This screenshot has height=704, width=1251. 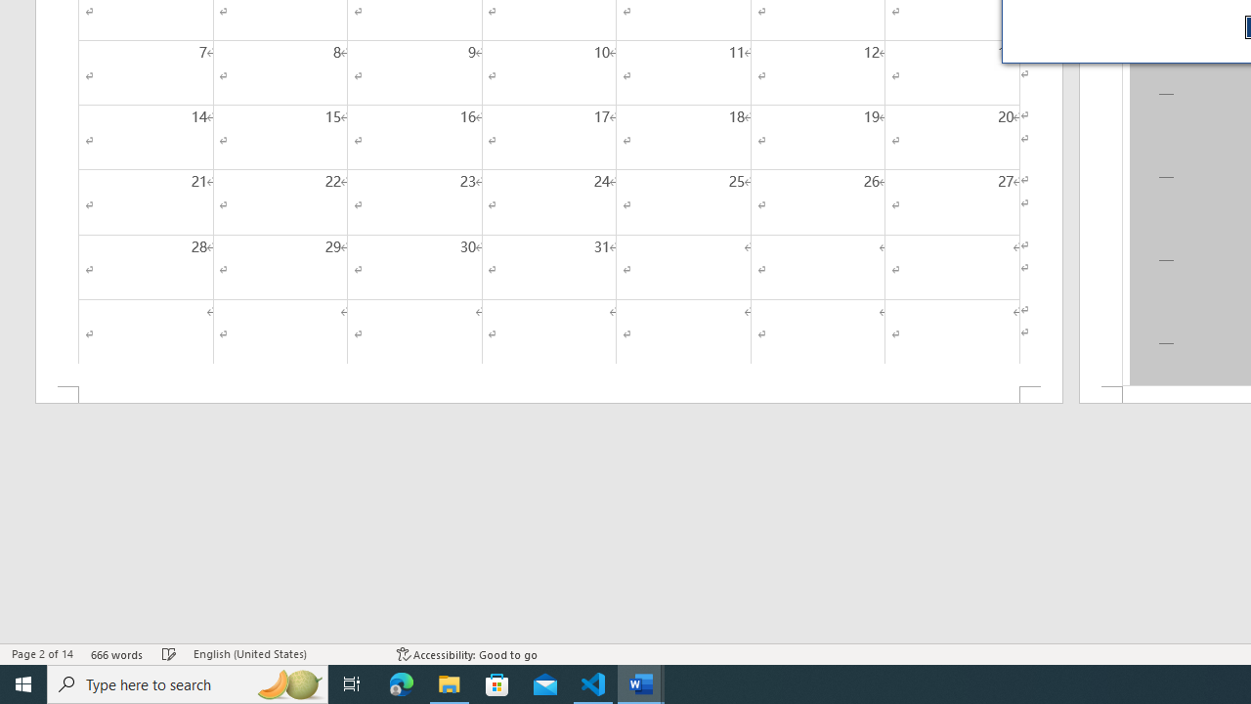 I want to click on 'File Explorer - 1 running window', so click(x=449, y=682).